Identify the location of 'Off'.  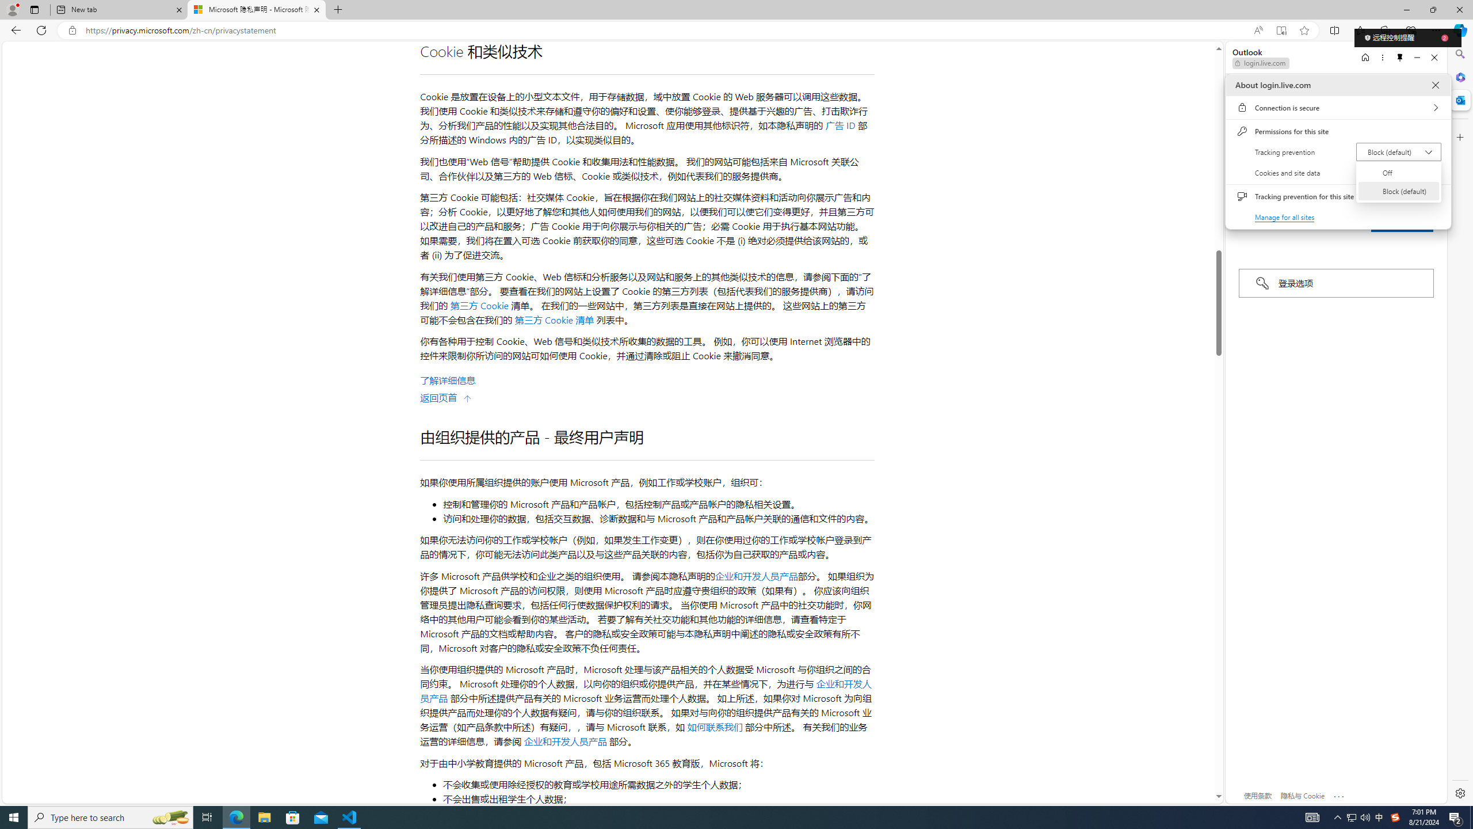
(1398, 172).